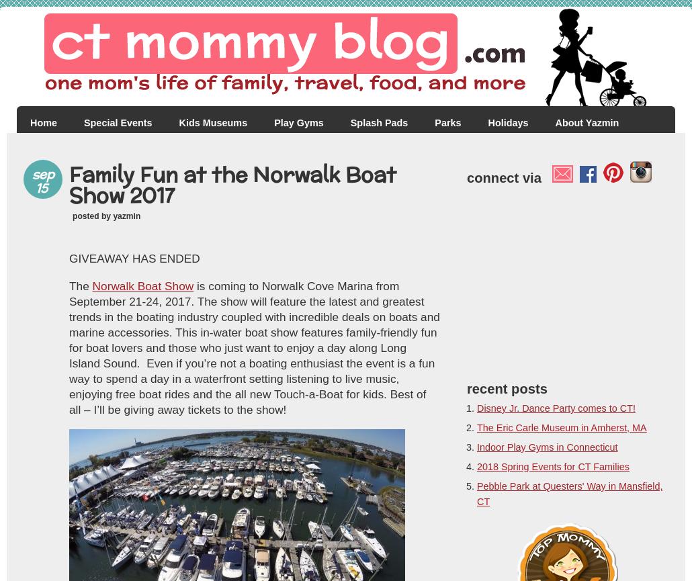 This screenshot has width=692, height=581. What do you see at coordinates (142, 285) in the screenshot?
I see `'Norwalk Boat Show'` at bounding box center [142, 285].